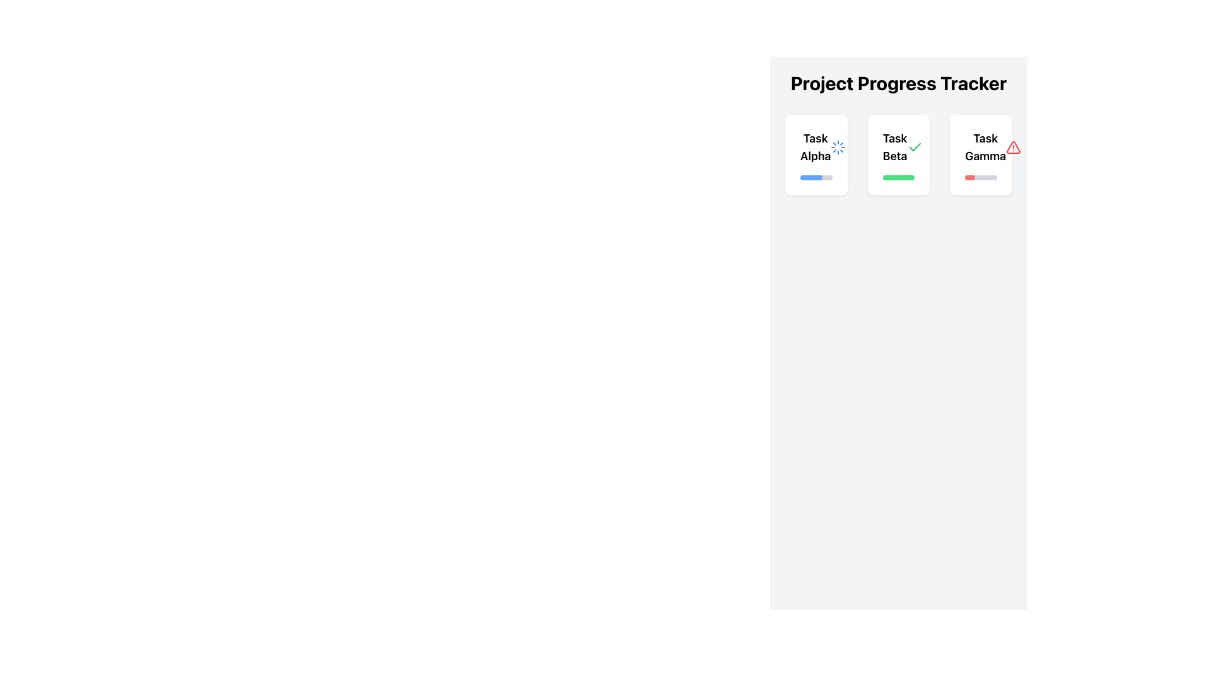  What do you see at coordinates (838, 147) in the screenshot?
I see `the Loader or spinner icon located in the upper-right area of the 'Task Alpha' card in the 'Project Progress Tracker' interface` at bounding box center [838, 147].